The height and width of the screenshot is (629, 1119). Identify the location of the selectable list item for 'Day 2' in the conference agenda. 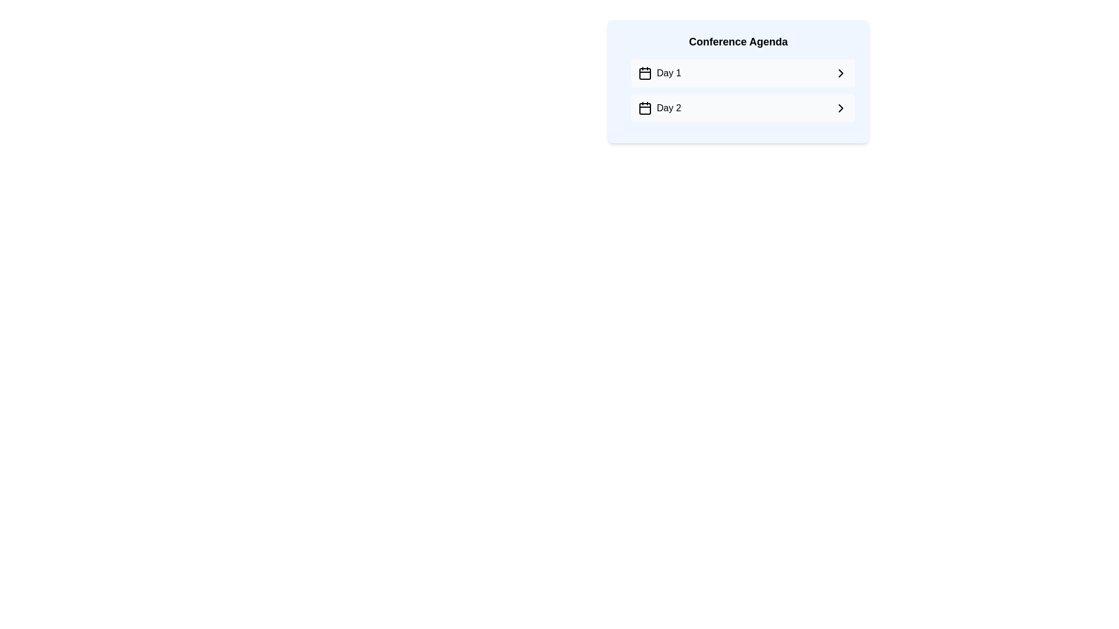
(743, 108).